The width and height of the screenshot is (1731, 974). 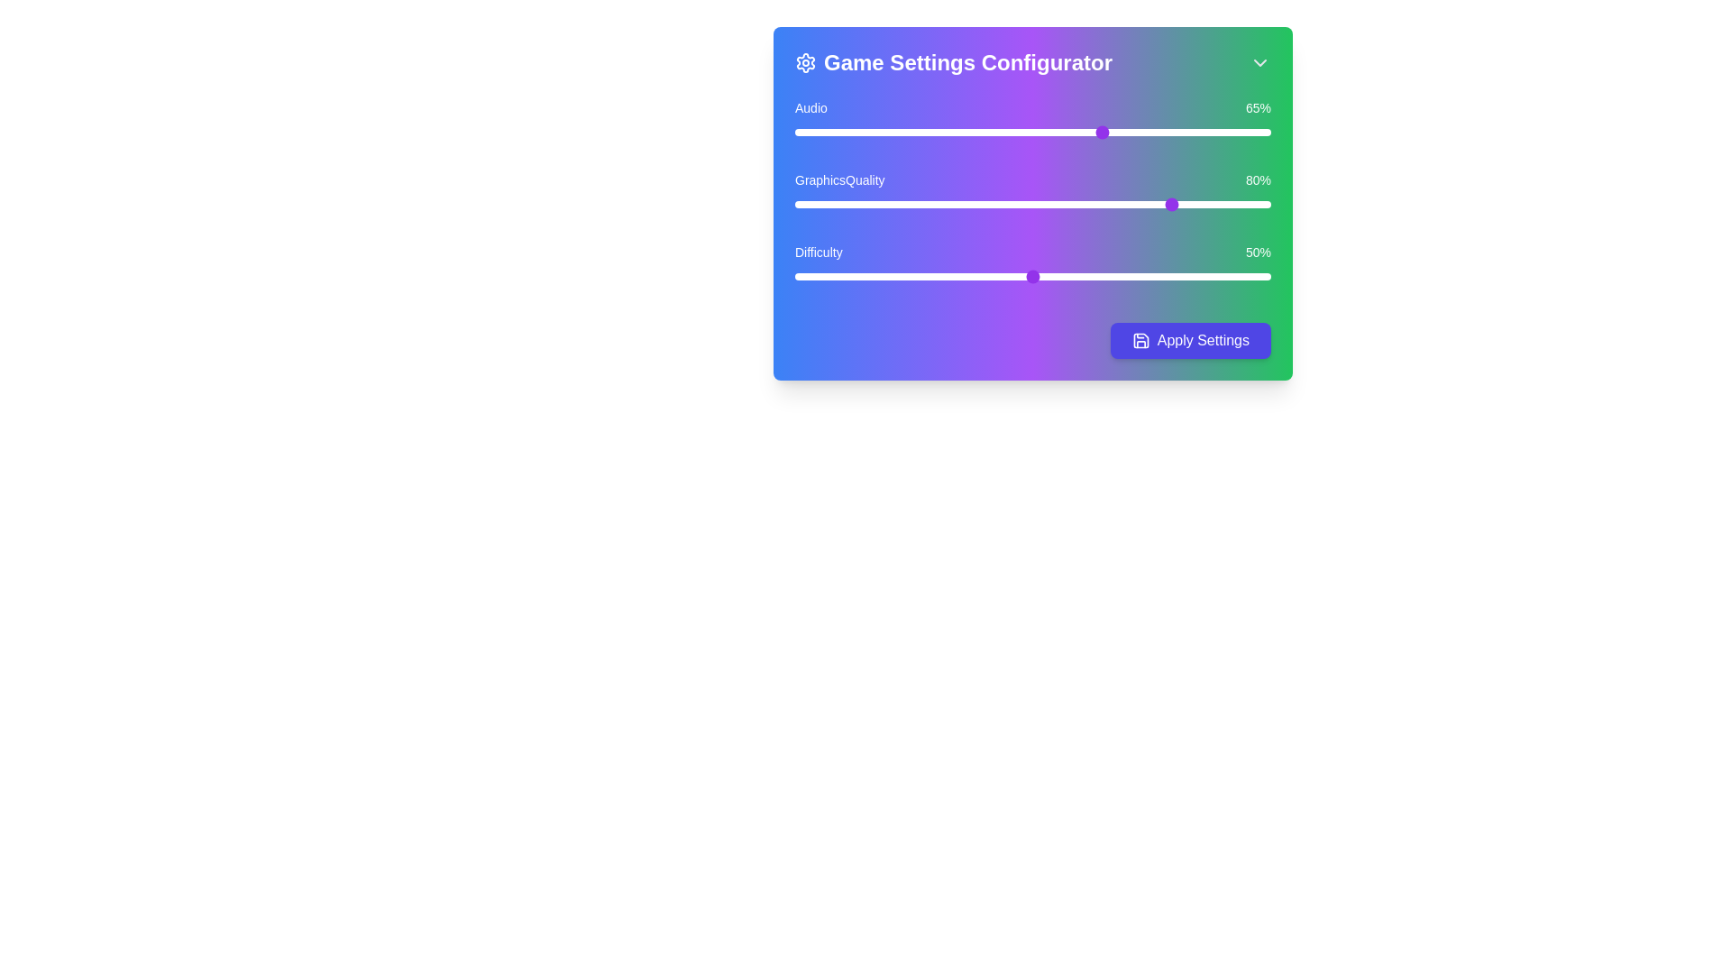 What do you see at coordinates (1140, 341) in the screenshot?
I see `the icon associated with the 'Apply Settings' button located in the bottom right corner of the interface` at bounding box center [1140, 341].